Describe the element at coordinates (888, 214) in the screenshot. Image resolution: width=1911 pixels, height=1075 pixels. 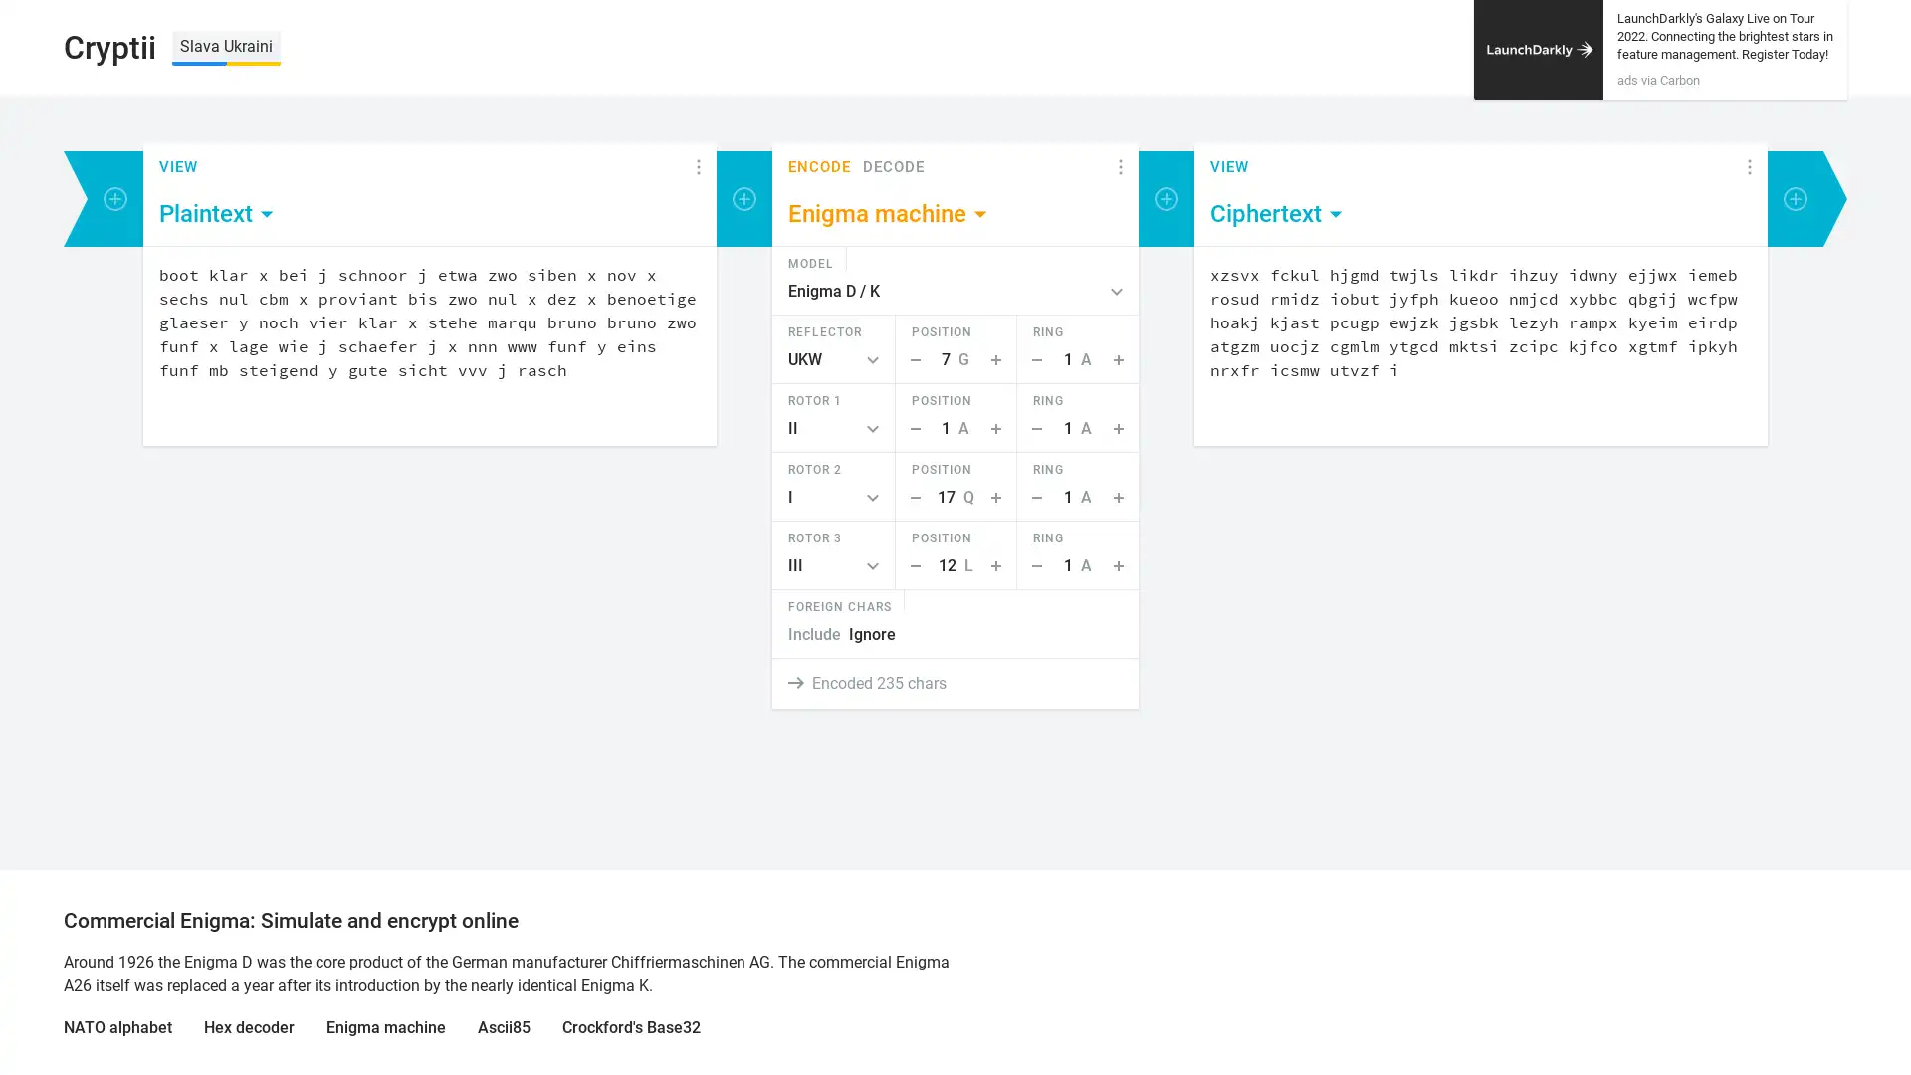
I see `Enigma machine` at that location.